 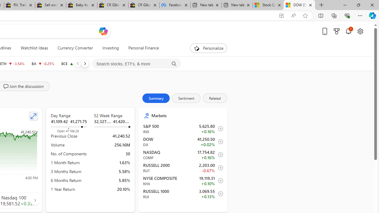 What do you see at coordinates (214, 98) in the screenshot?
I see `'Related'` at bounding box center [214, 98].